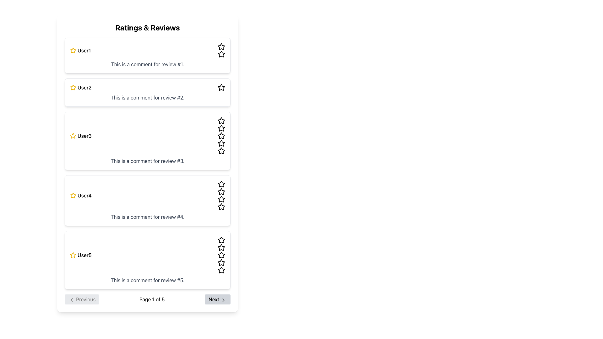 This screenshot has height=339, width=603. What do you see at coordinates (84, 135) in the screenshot?
I see `the third listed user name in the review entry list, positioned between 'User2' and 'User4'` at bounding box center [84, 135].